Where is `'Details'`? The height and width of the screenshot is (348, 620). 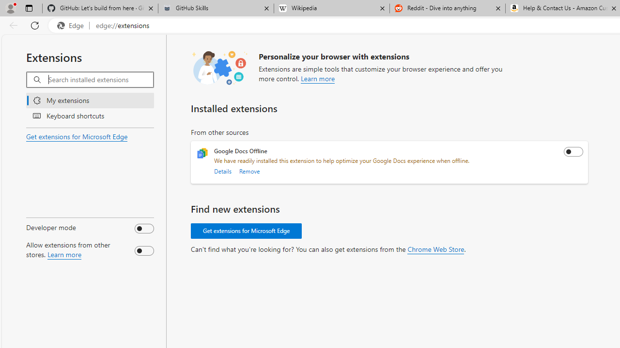 'Details' is located at coordinates (222, 171).